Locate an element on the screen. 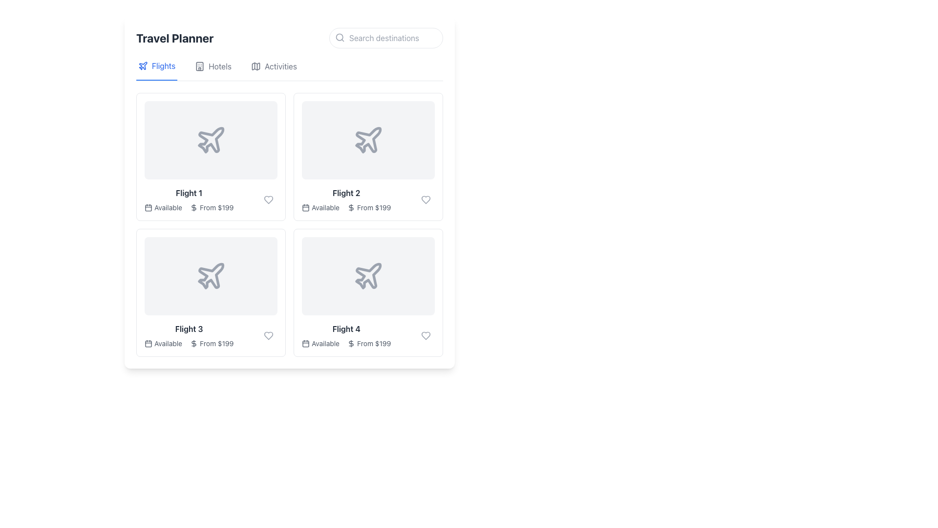  the airplane icon displayed prominently in the center of the first card in the 'Flights' section of the grid interface is located at coordinates (211, 140).